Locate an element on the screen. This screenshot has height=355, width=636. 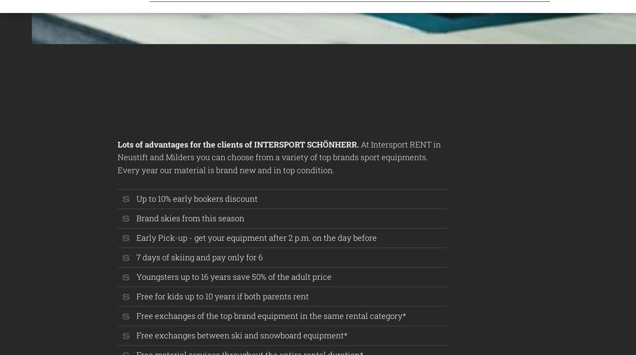
'Early Pick-up - get your equipment after 2 p.m. on the day before' is located at coordinates (136, 237).